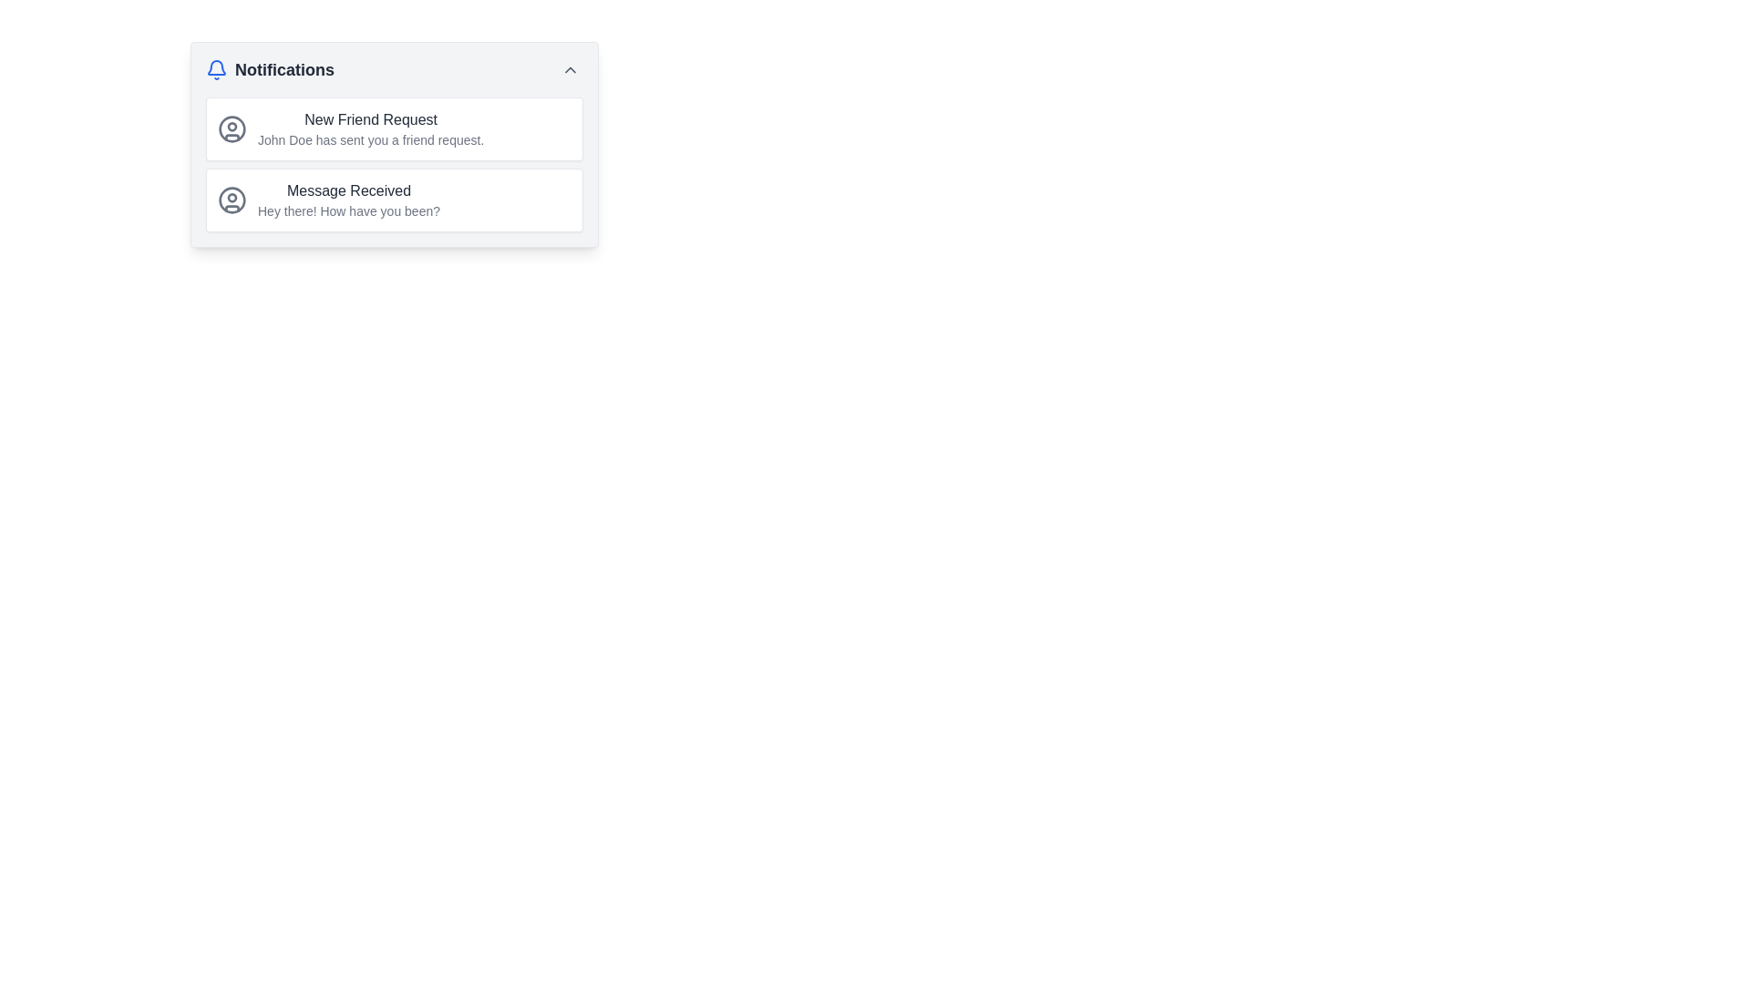  I want to click on the user profile icon within the second notification block under the 'Message Received' title in the notification panel, so click(231, 200).